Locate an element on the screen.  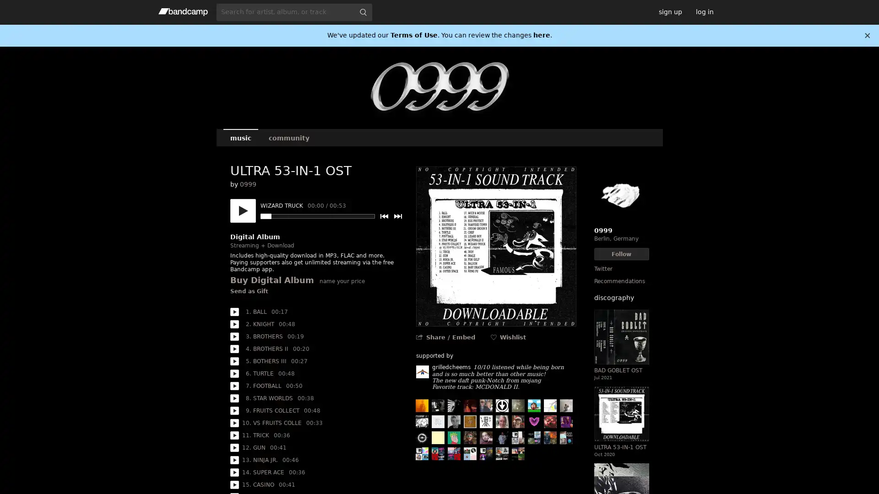
Share / Embed is located at coordinates (450, 337).